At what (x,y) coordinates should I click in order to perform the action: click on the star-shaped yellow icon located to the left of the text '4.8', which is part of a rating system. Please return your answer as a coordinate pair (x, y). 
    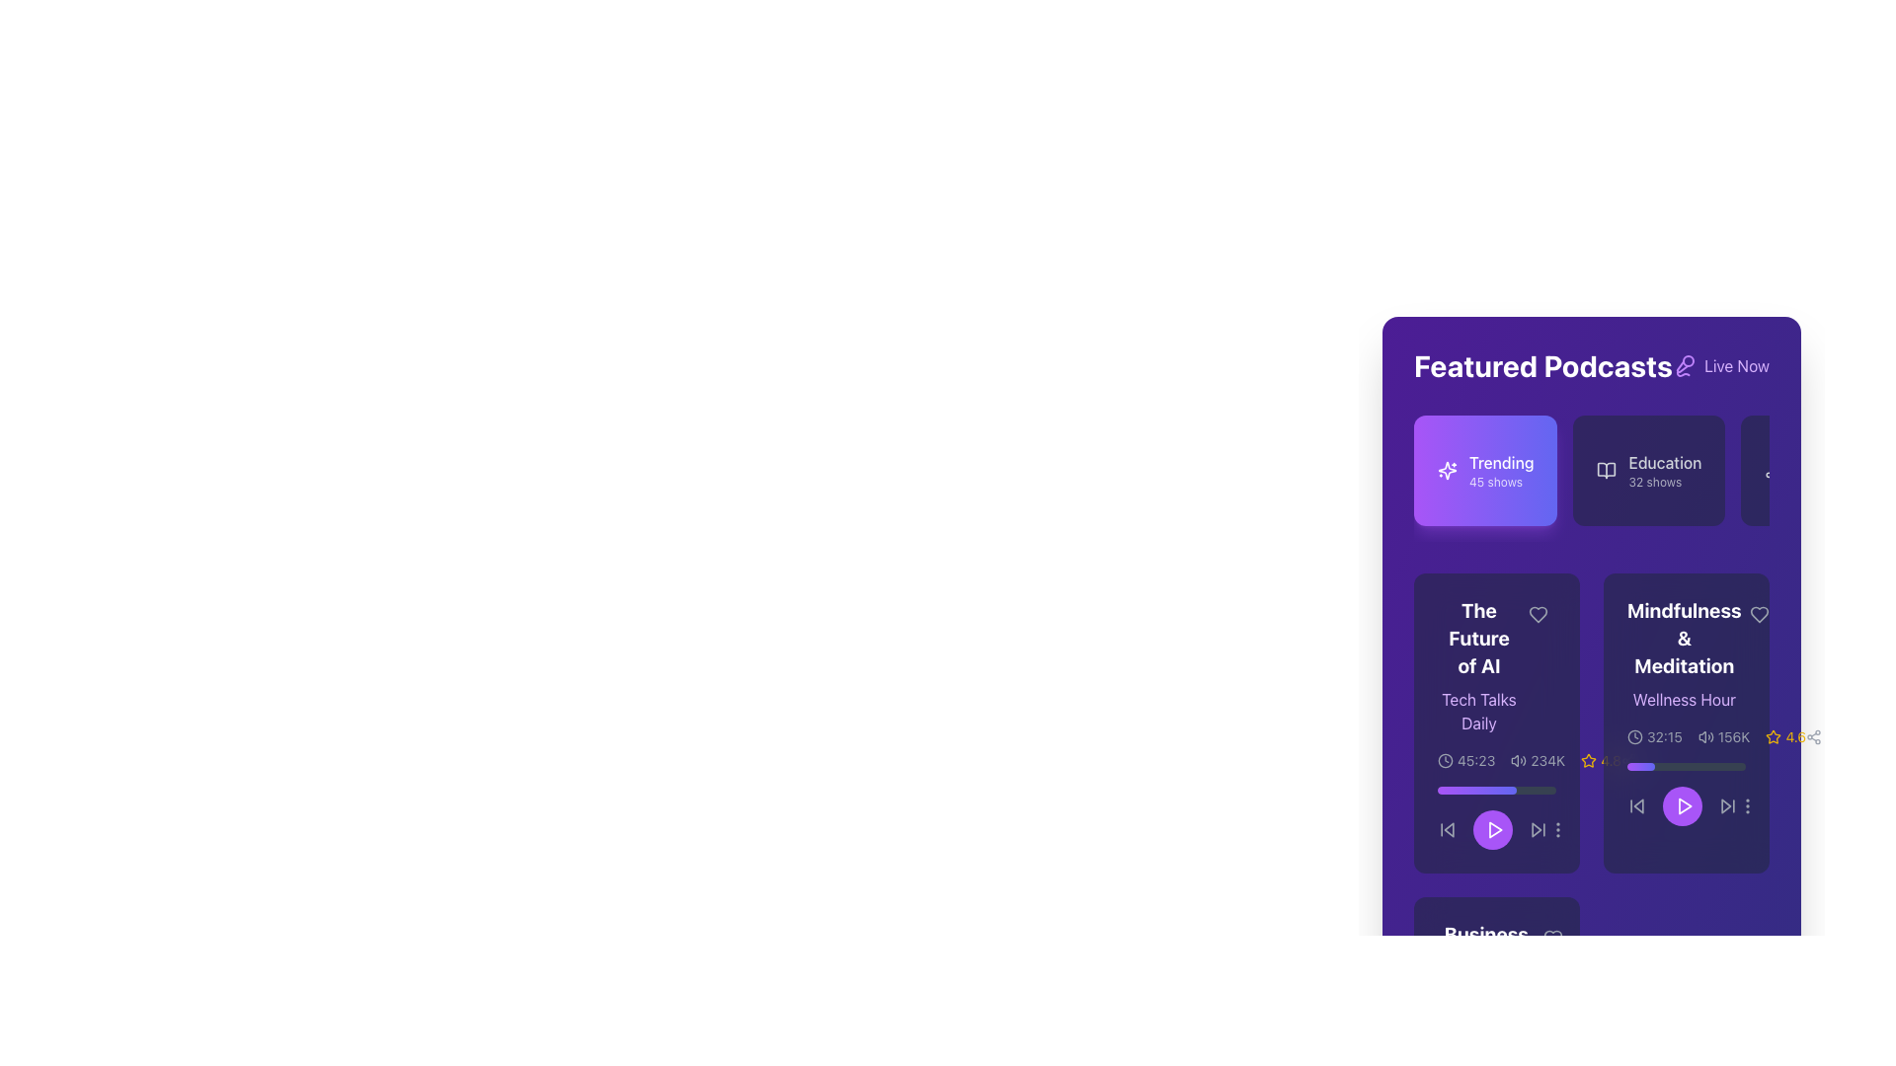
    Looking at the image, I should click on (1589, 760).